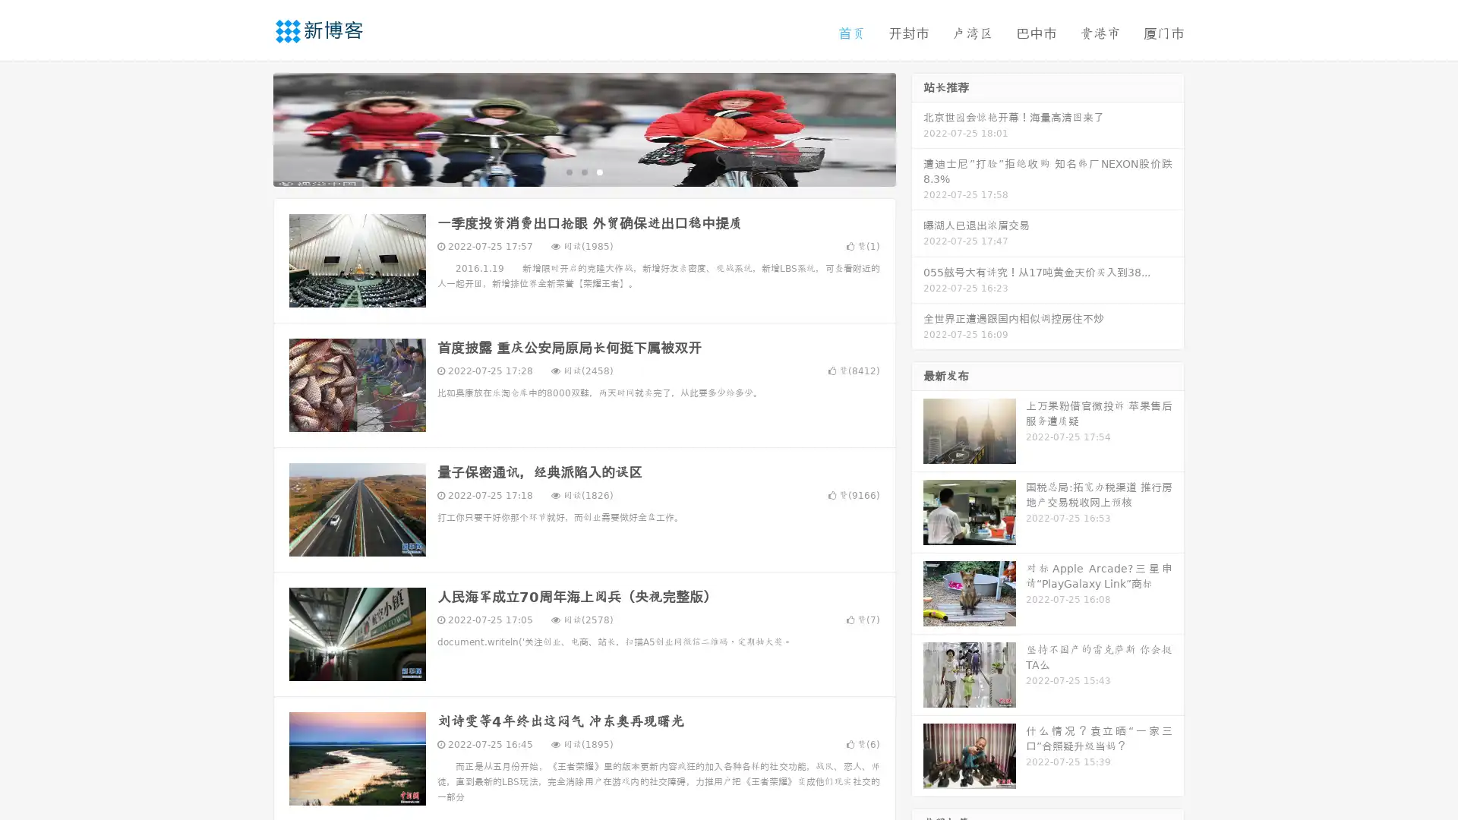 This screenshot has width=1458, height=820. I want to click on Previous slide, so click(251, 128).